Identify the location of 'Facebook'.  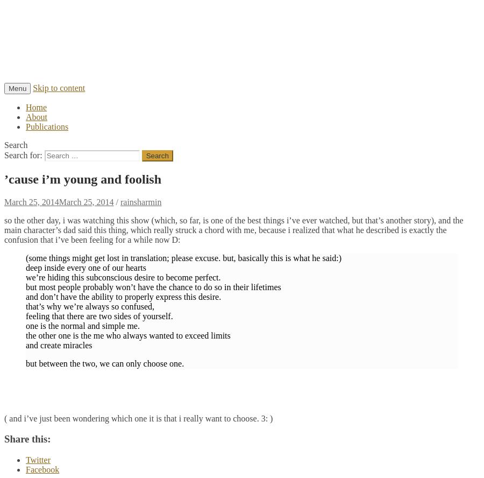
(25, 469).